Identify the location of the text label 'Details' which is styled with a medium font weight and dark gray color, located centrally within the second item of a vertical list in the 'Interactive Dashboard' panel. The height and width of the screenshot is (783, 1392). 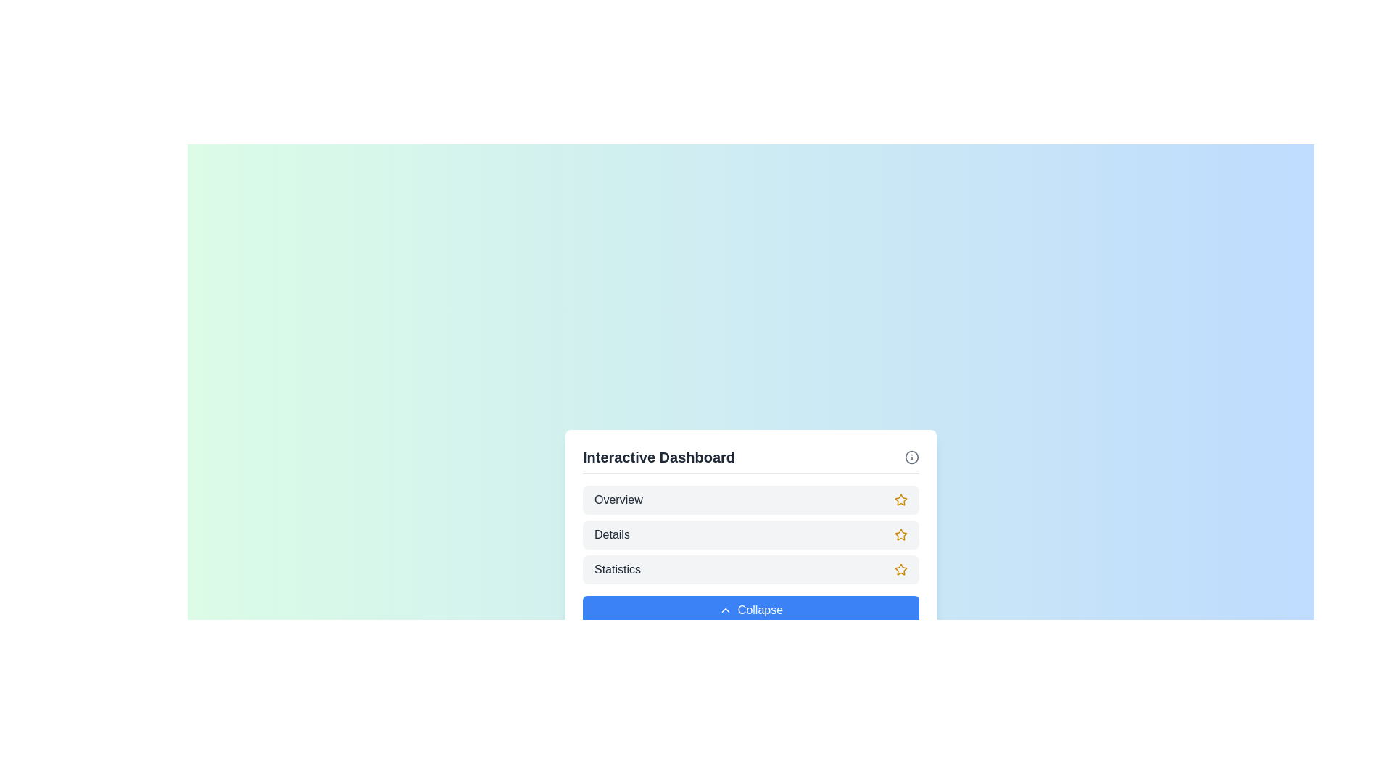
(612, 534).